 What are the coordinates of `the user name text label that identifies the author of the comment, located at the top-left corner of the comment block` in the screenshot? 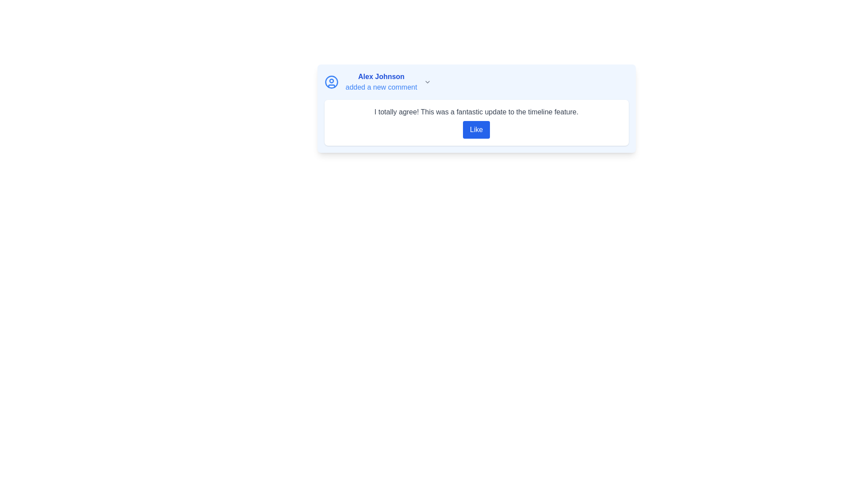 It's located at (381, 76).